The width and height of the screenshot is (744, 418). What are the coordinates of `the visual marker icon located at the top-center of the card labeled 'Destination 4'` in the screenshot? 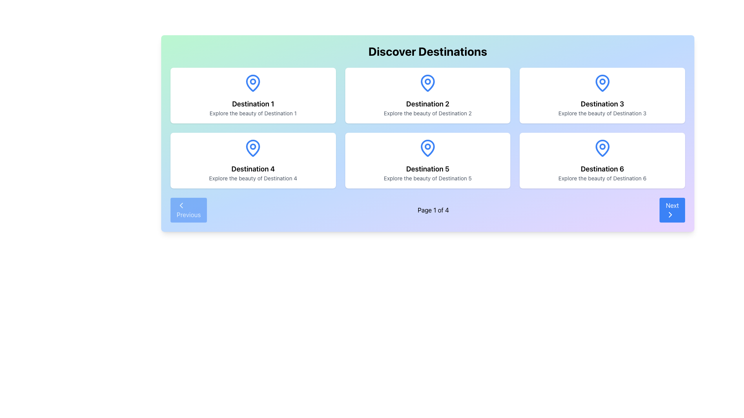 It's located at (253, 148).